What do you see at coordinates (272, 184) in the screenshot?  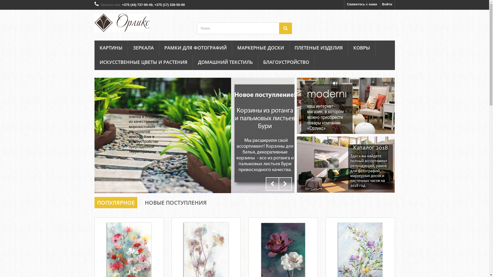 I see `'Prev'` at bounding box center [272, 184].